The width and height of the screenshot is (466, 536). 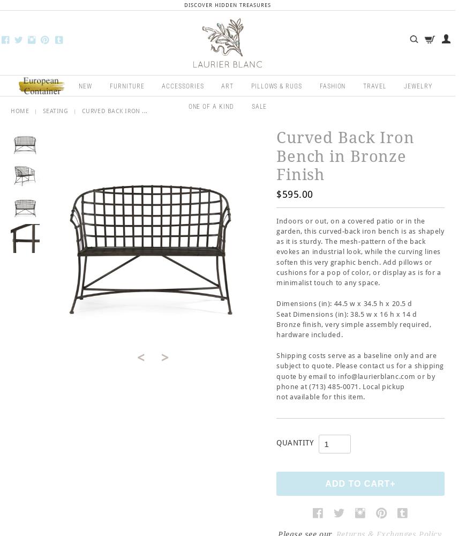 What do you see at coordinates (85, 86) in the screenshot?
I see `'New'` at bounding box center [85, 86].